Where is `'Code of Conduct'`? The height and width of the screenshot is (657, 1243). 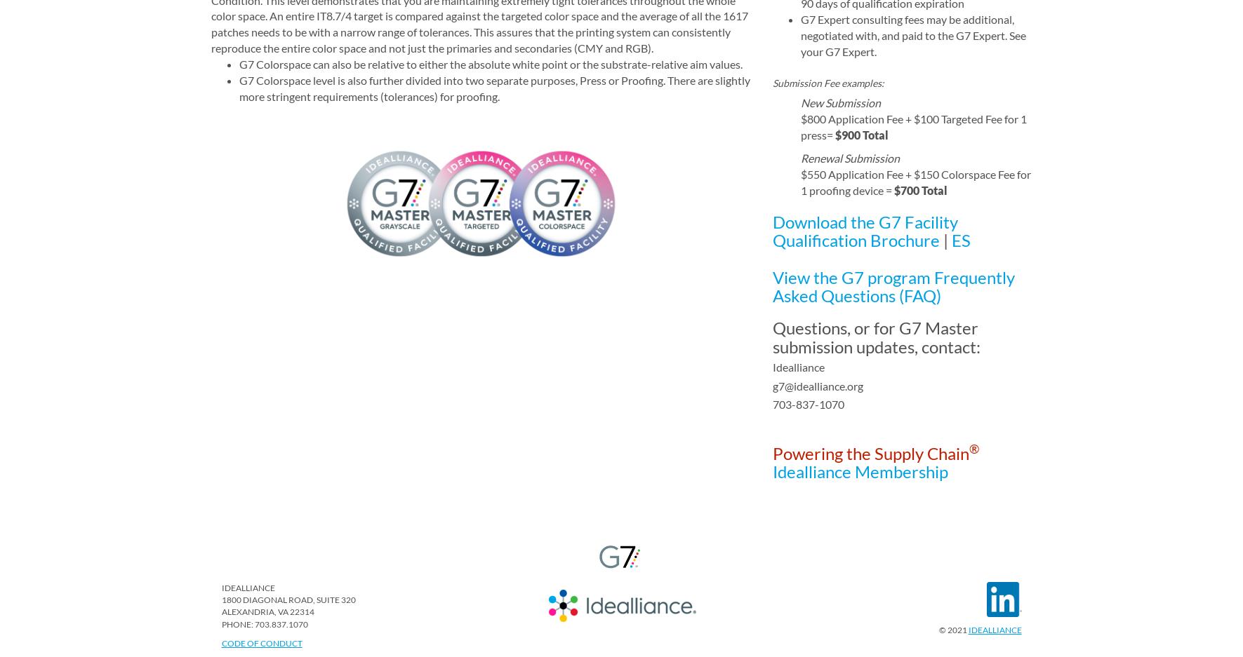
'Code of Conduct' is located at coordinates (220, 642).